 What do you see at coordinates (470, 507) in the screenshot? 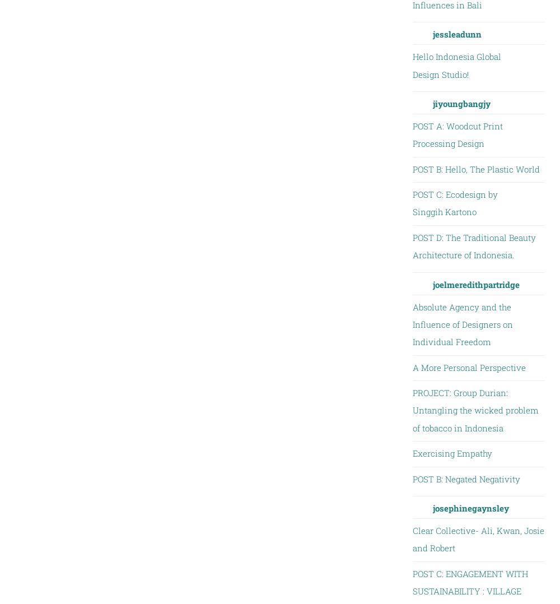
I see `'josephinegaynsley'` at bounding box center [470, 507].